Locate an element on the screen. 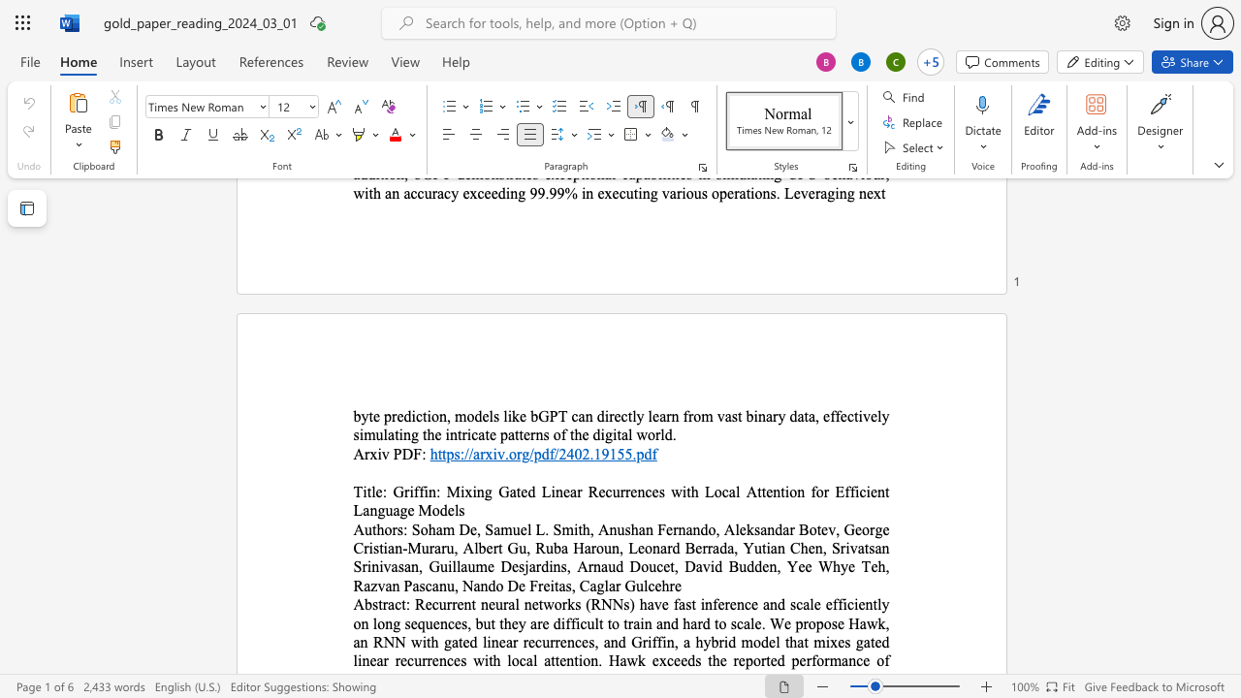 The height and width of the screenshot is (698, 1241). the space between the continuous character "r" and "y" in the text is located at coordinates (779, 415).